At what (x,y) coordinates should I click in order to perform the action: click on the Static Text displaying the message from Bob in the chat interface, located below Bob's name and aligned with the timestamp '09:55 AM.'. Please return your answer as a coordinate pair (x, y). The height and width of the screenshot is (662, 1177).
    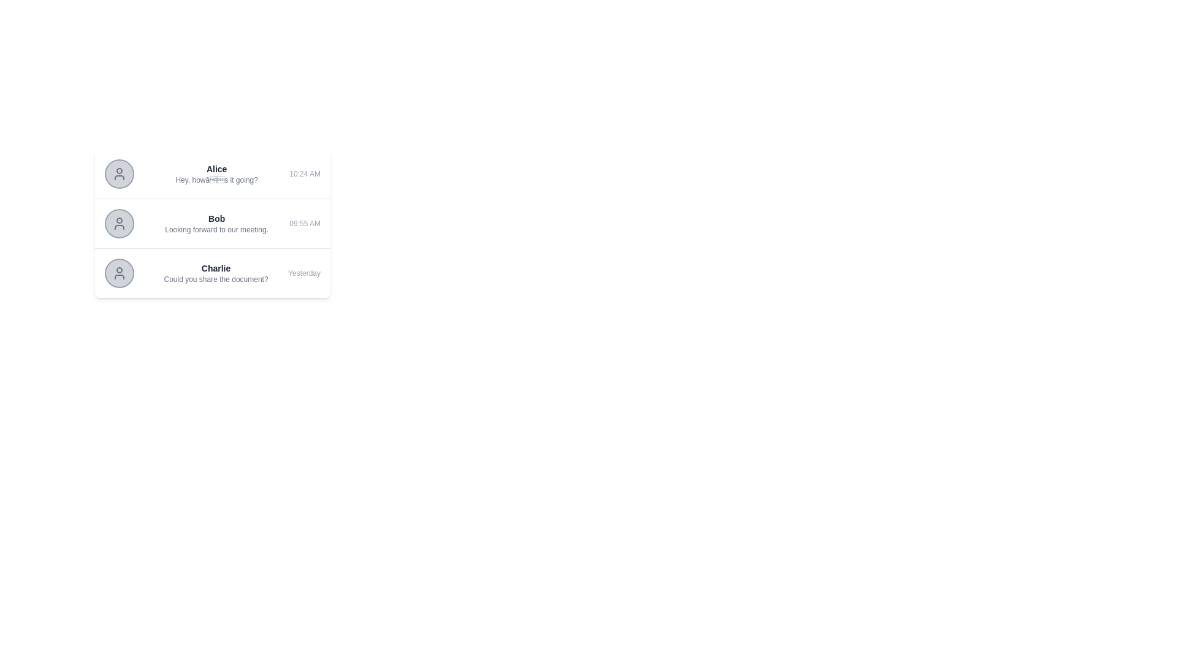
    Looking at the image, I should click on (216, 229).